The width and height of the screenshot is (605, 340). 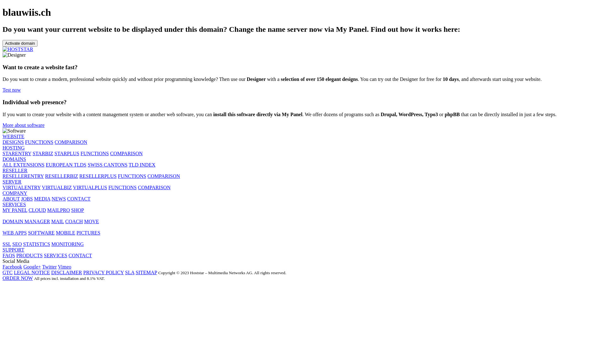 What do you see at coordinates (18, 278) in the screenshot?
I see `'ORDER NOW'` at bounding box center [18, 278].